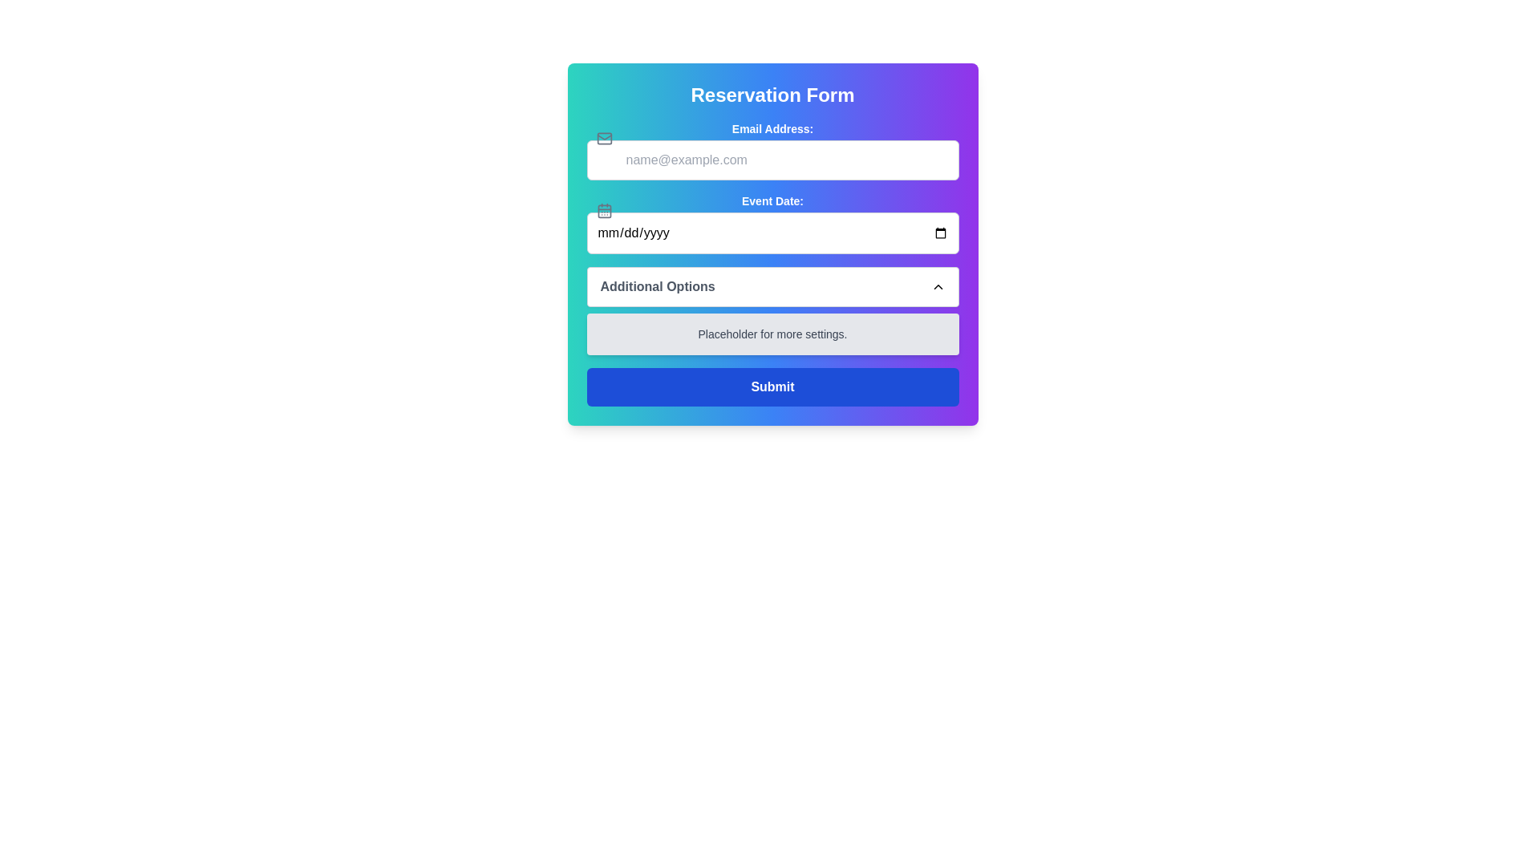 The width and height of the screenshot is (1540, 866). Describe the element at coordinates (603, 210) in the screenshot. I see `the background of the calendar icon, which is a compact rectangle with rounded corners, positioned to the left of the 'Event Date' input field` at that location.